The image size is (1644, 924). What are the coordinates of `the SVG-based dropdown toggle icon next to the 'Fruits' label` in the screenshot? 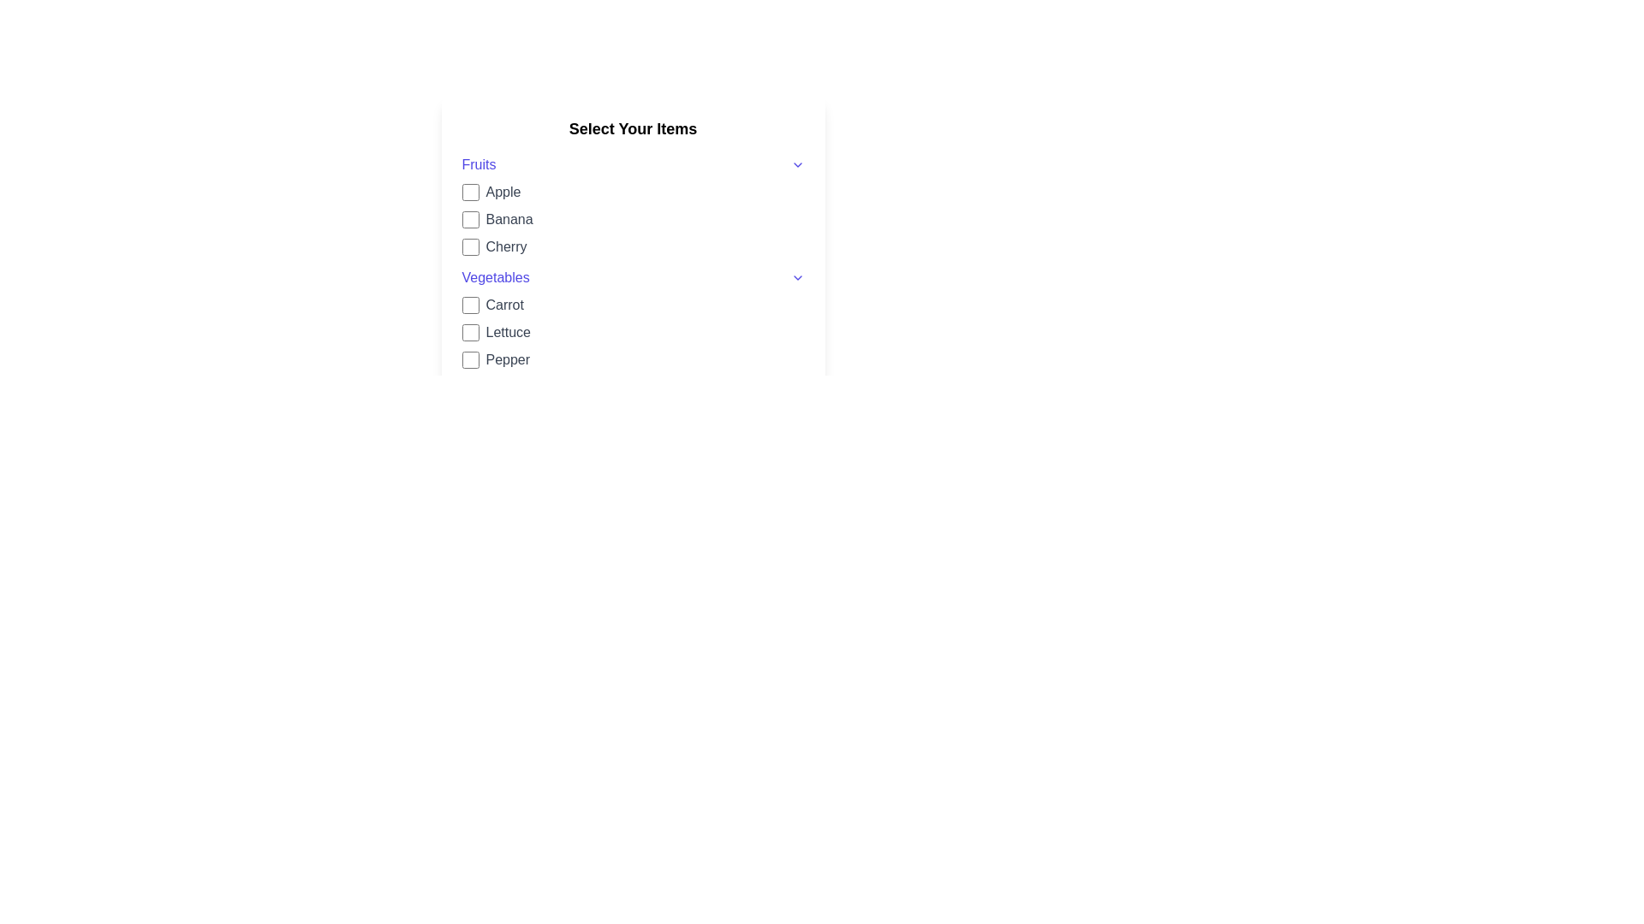 It's located at (796, 164).